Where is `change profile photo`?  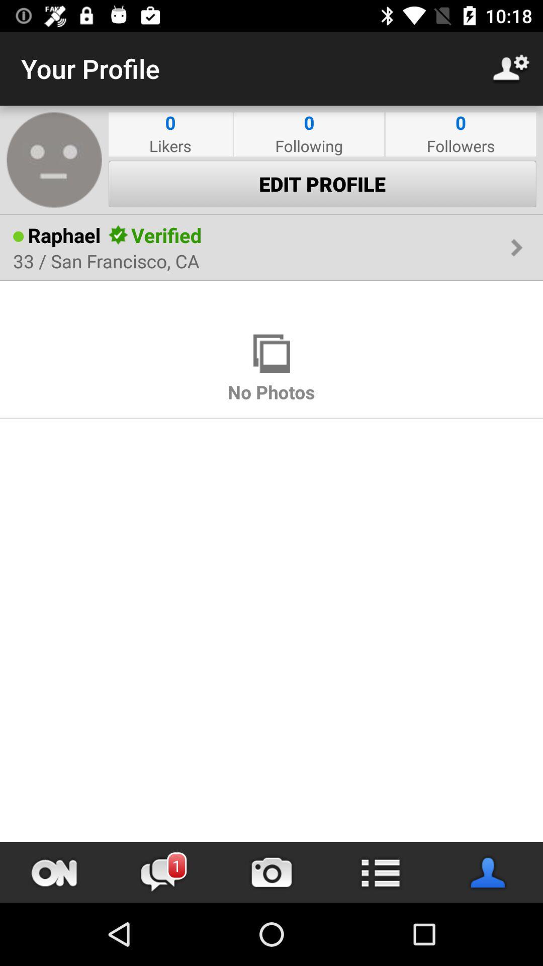 change profile photo is located at coordinates (54, 159).